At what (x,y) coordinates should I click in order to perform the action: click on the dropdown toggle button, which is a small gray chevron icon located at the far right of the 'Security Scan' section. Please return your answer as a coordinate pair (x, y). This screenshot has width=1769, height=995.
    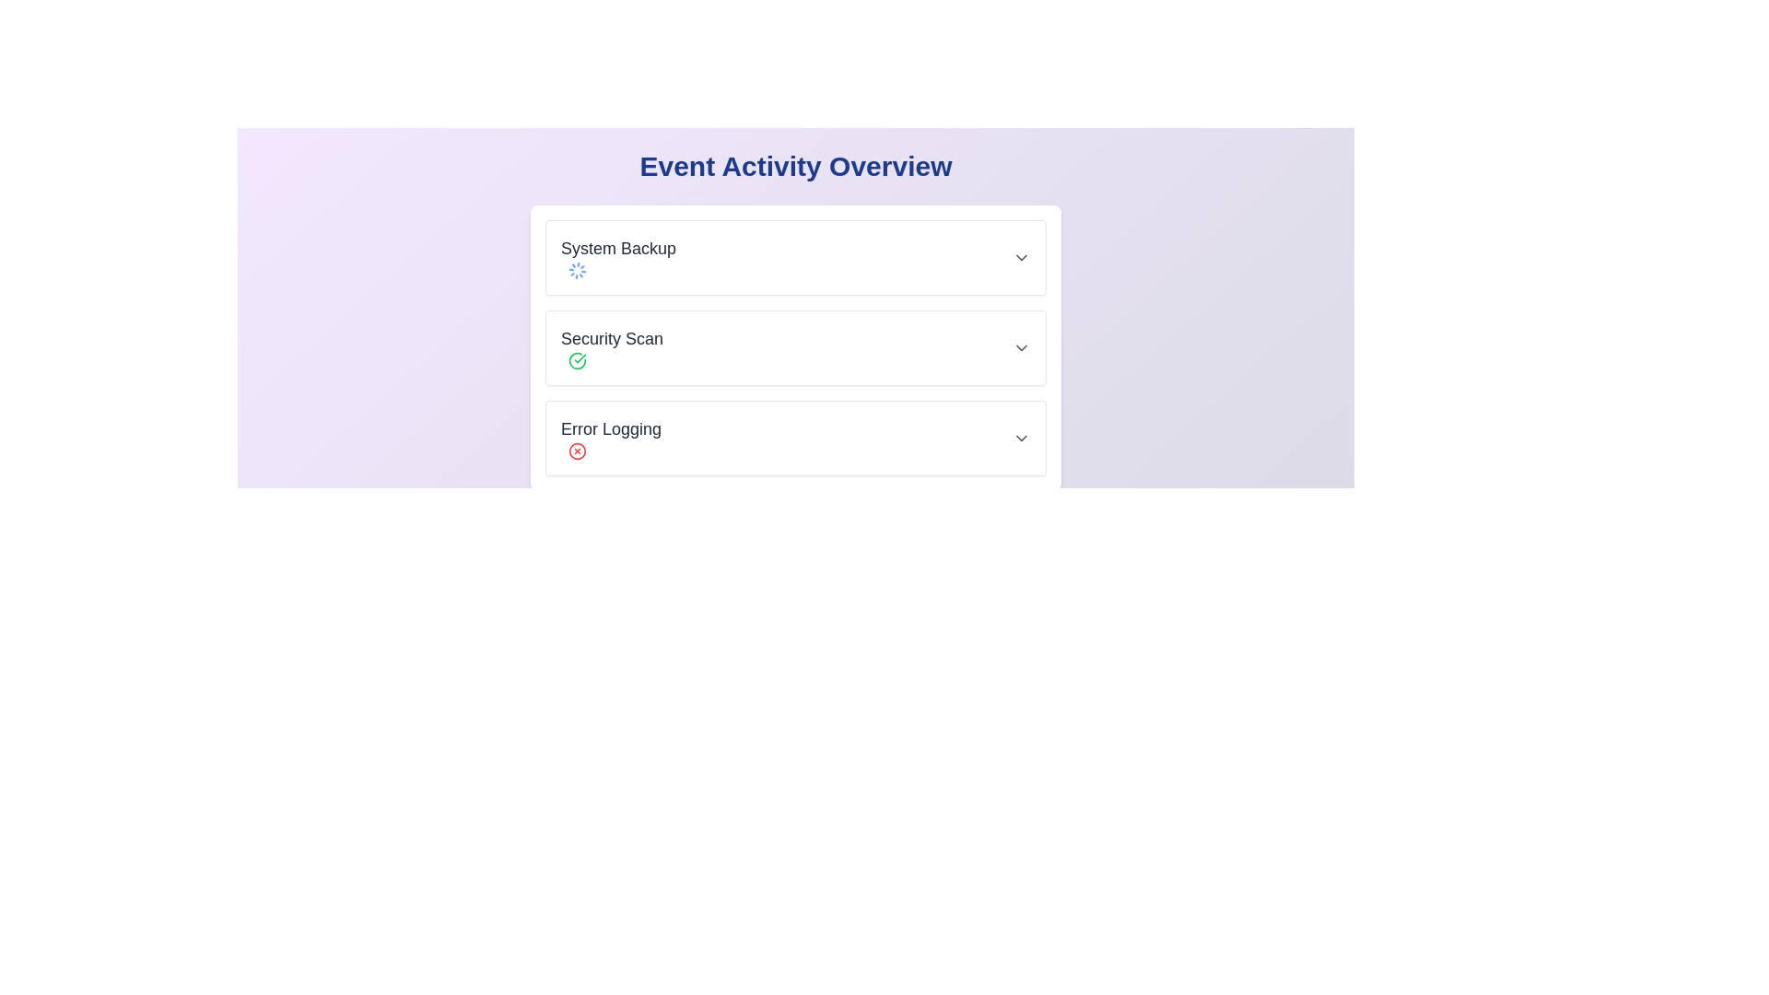
    Looking at the image, I should click on (1020, 348).